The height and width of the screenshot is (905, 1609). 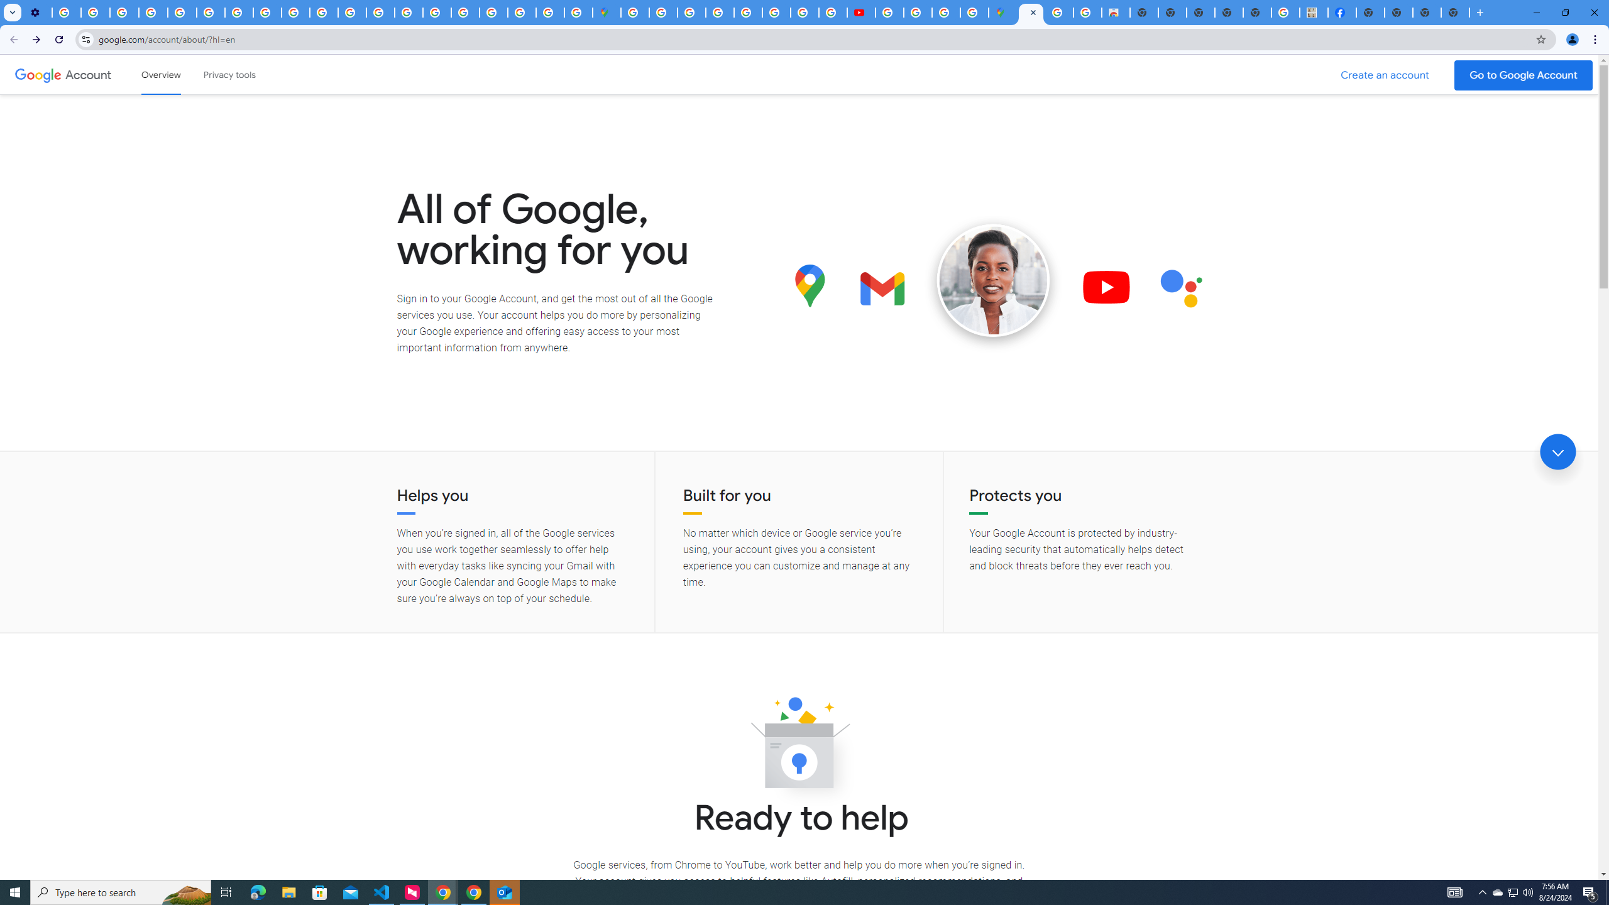 What do you see at coordinates (1557, 452) in the screenshot?
I see `'Jump link'` at bounding box center [1557, 452].